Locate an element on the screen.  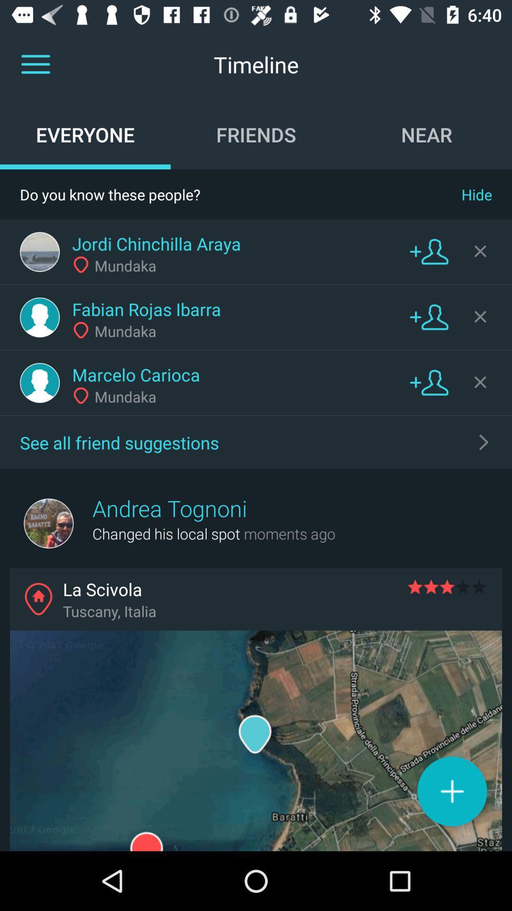
person to friend list is located at coordinates (429, 382).